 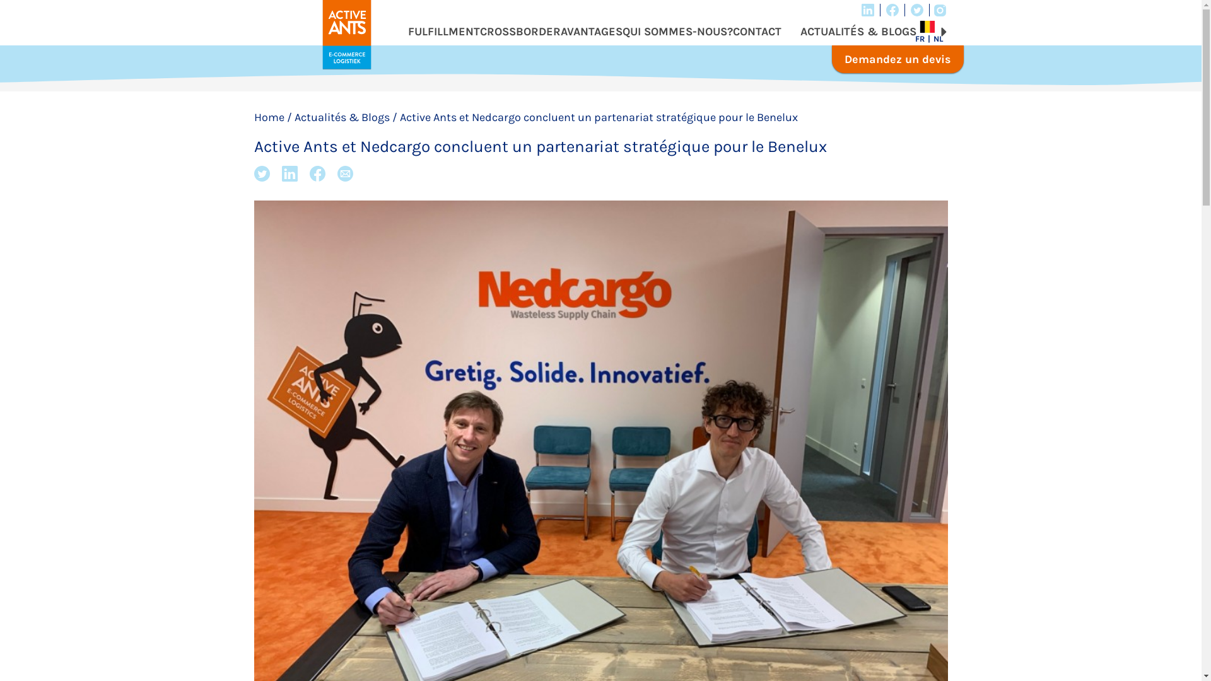 I want to click on 'AVANTAGES', so click(x=590, y=31).